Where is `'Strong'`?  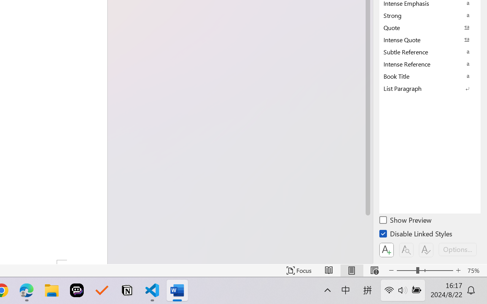
'Strong' is located at coordinates (430, 15).